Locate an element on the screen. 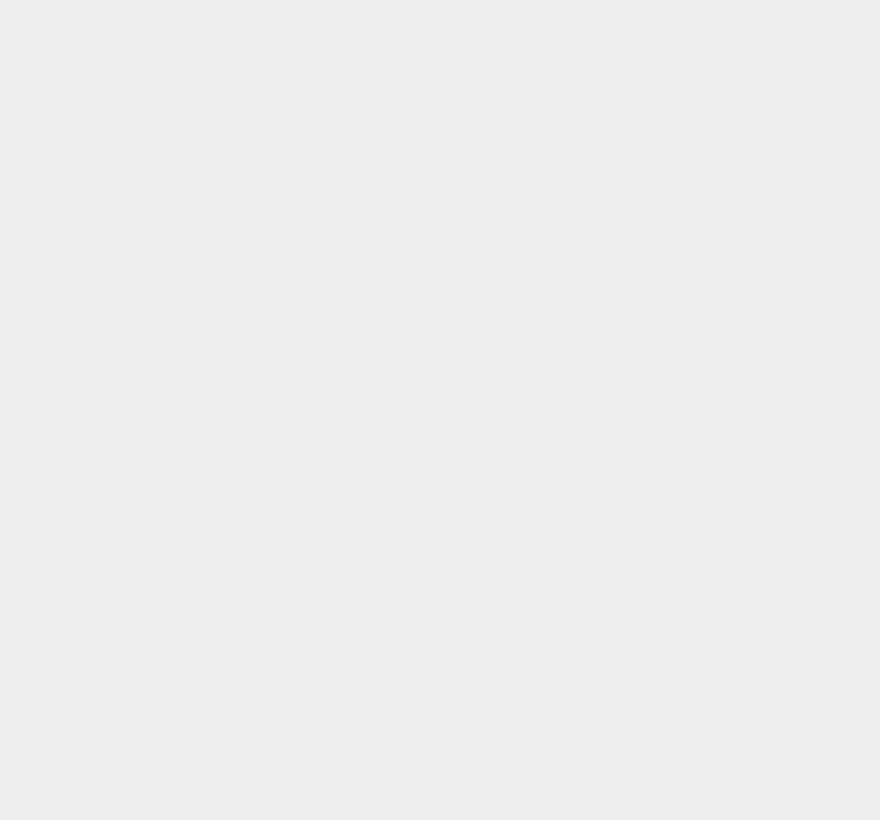 Image resolution: width=880 pixels, height=820 pixels. 'Apple TV' is located at coordinates (642, 550).